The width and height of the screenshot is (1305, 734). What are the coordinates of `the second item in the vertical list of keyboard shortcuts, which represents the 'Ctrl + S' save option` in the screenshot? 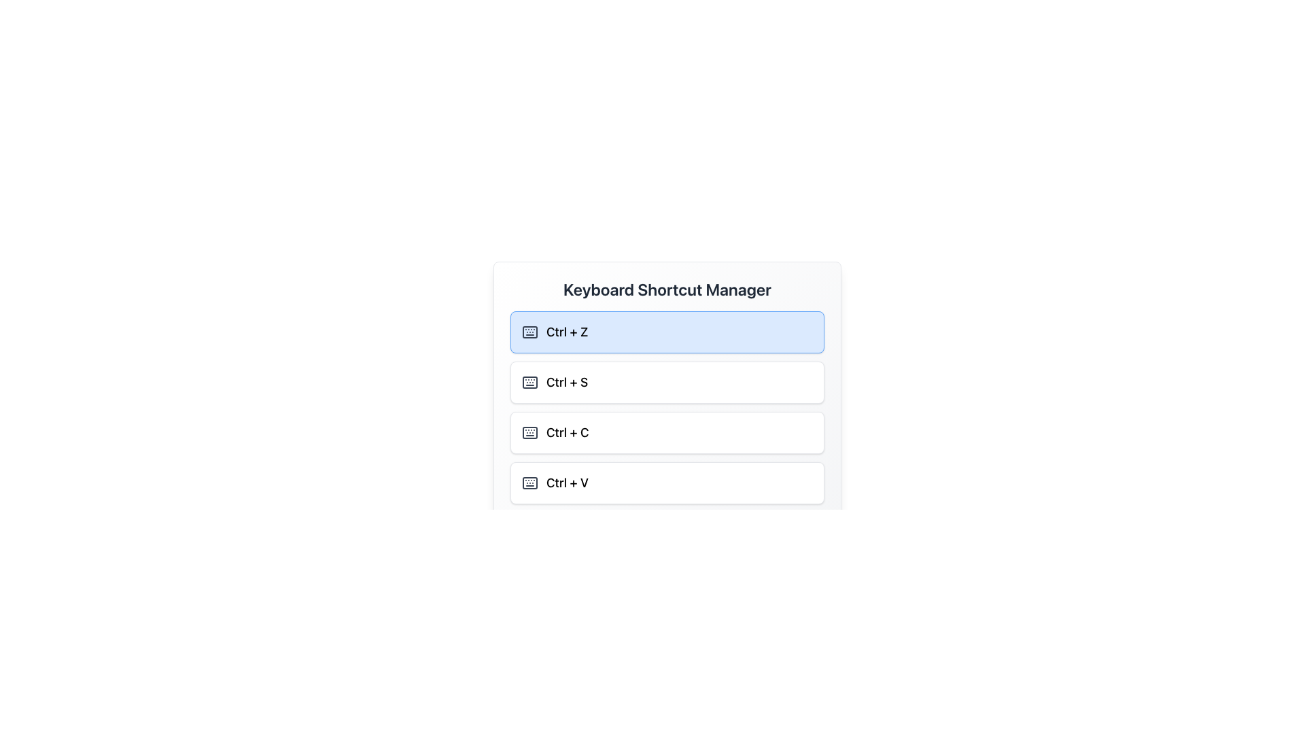 It's located at (667, 383).